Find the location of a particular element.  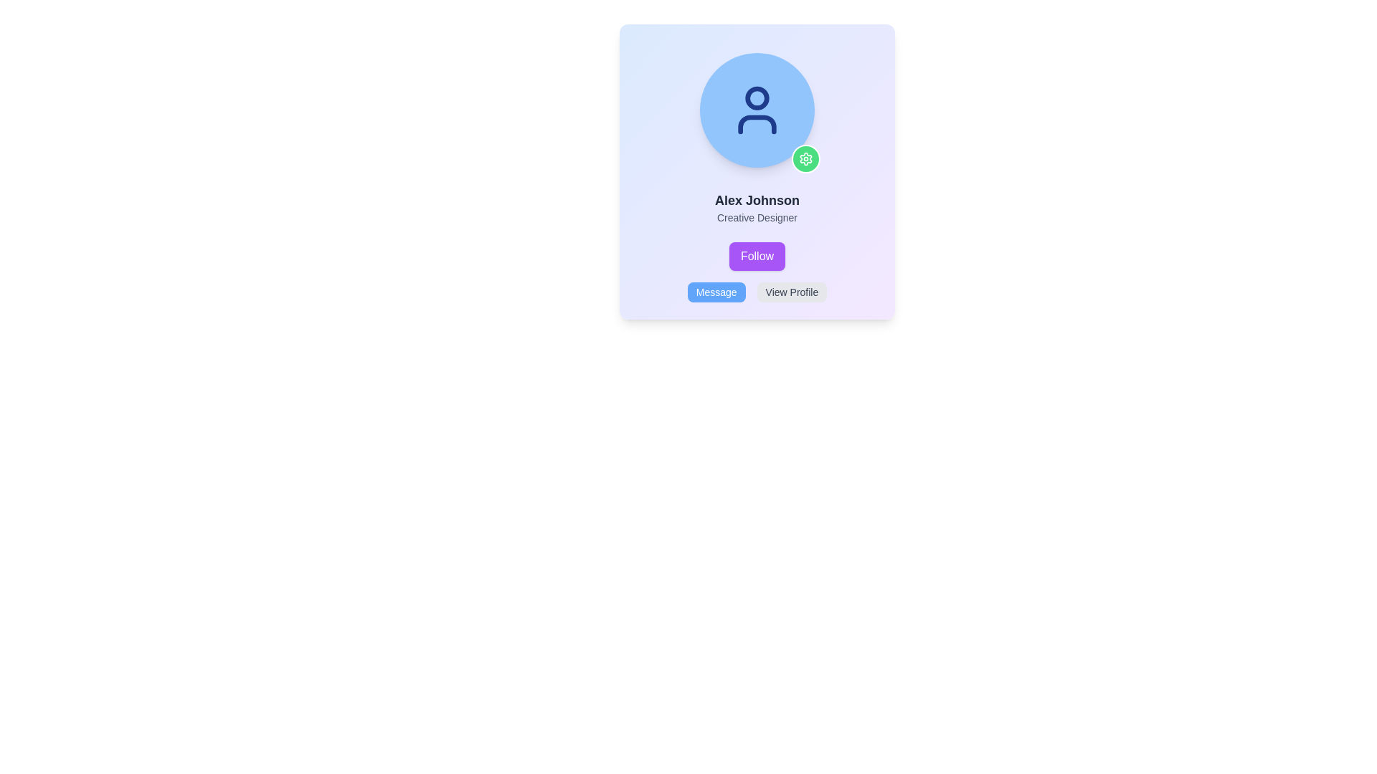

the small blue circular SVG element that represents the head of the abstract user icon located at the top center of the profile's user avatar area is located at coordinates (757, 97).